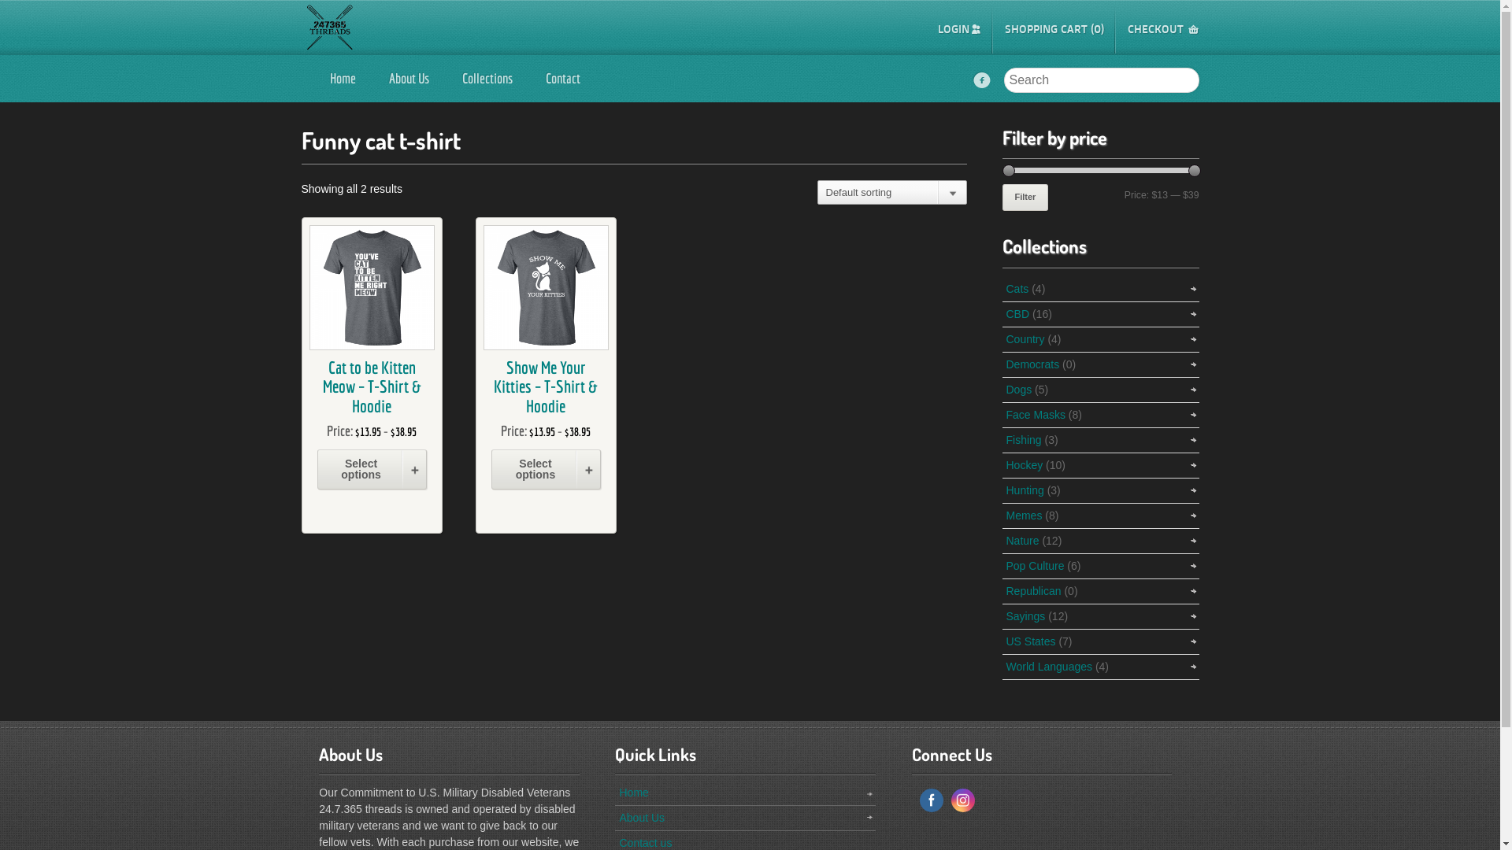  I want to click on 'Nature', so click(1023, 539).